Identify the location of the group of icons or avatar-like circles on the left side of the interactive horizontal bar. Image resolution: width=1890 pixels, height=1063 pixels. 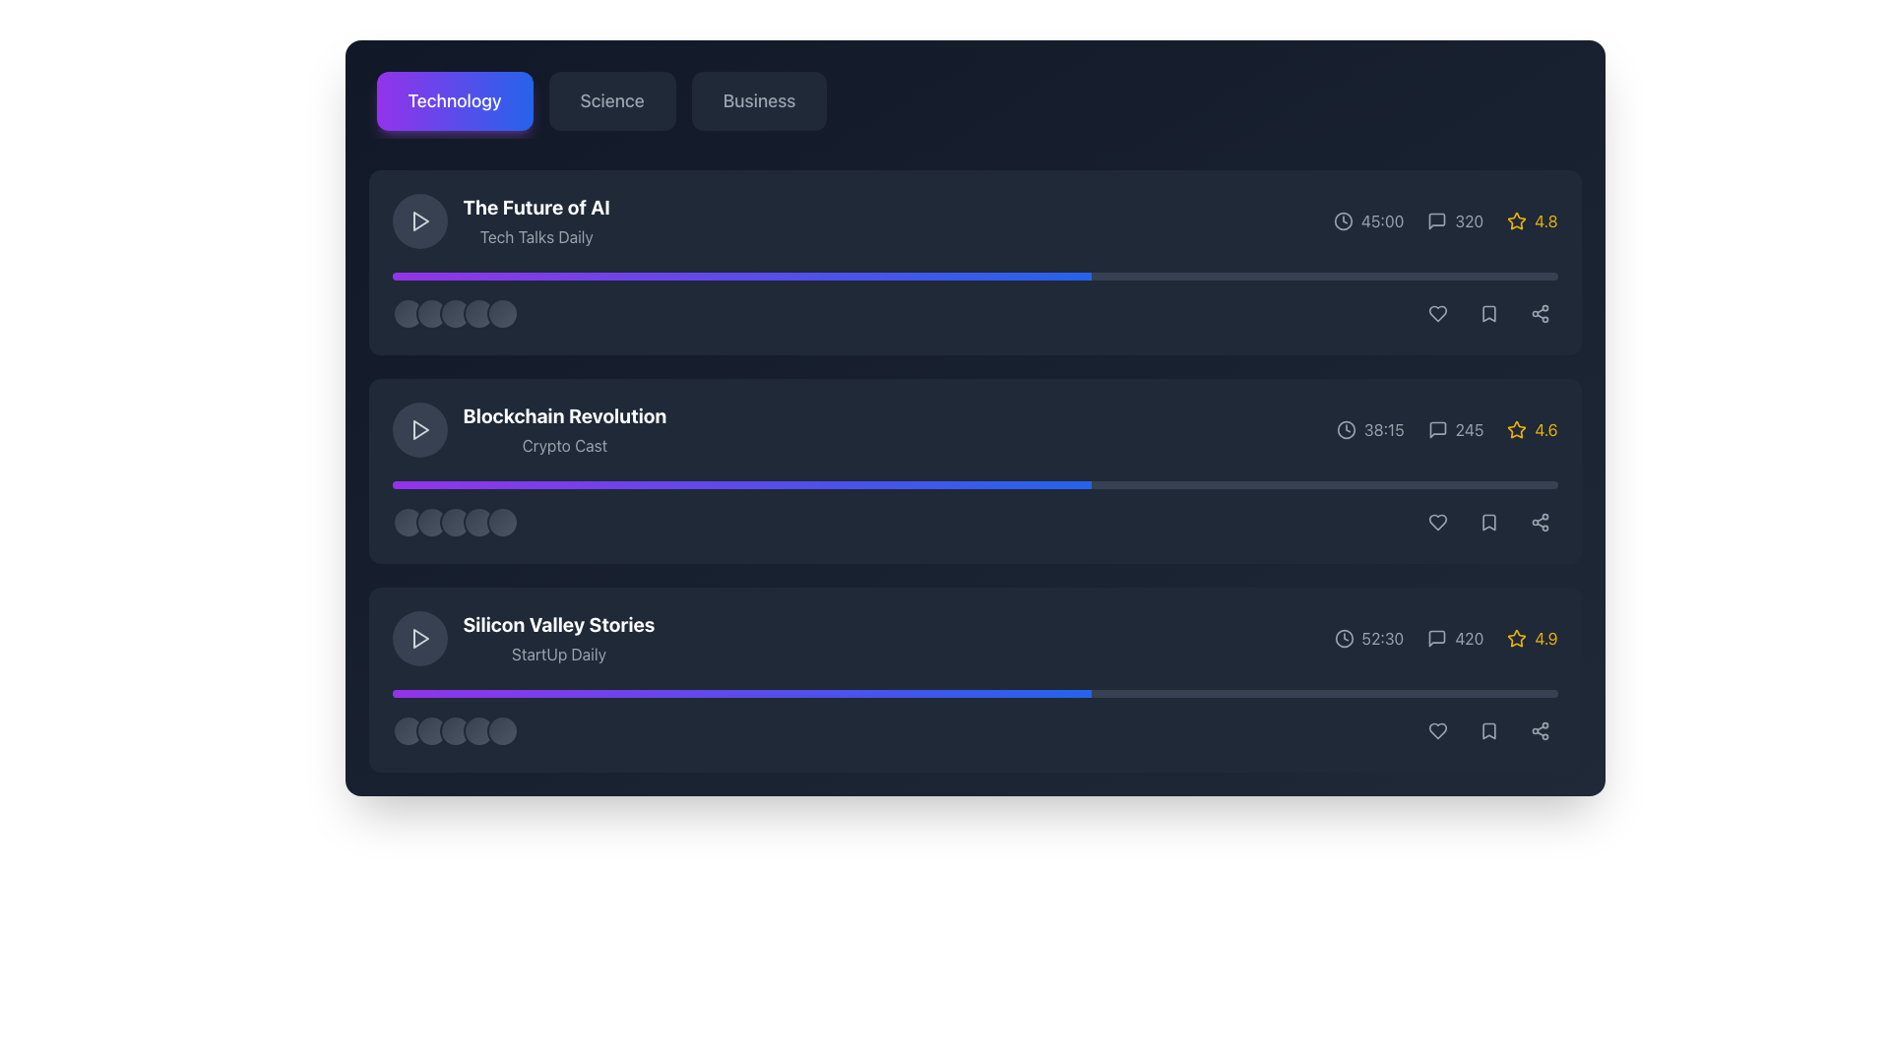
(975, 313).